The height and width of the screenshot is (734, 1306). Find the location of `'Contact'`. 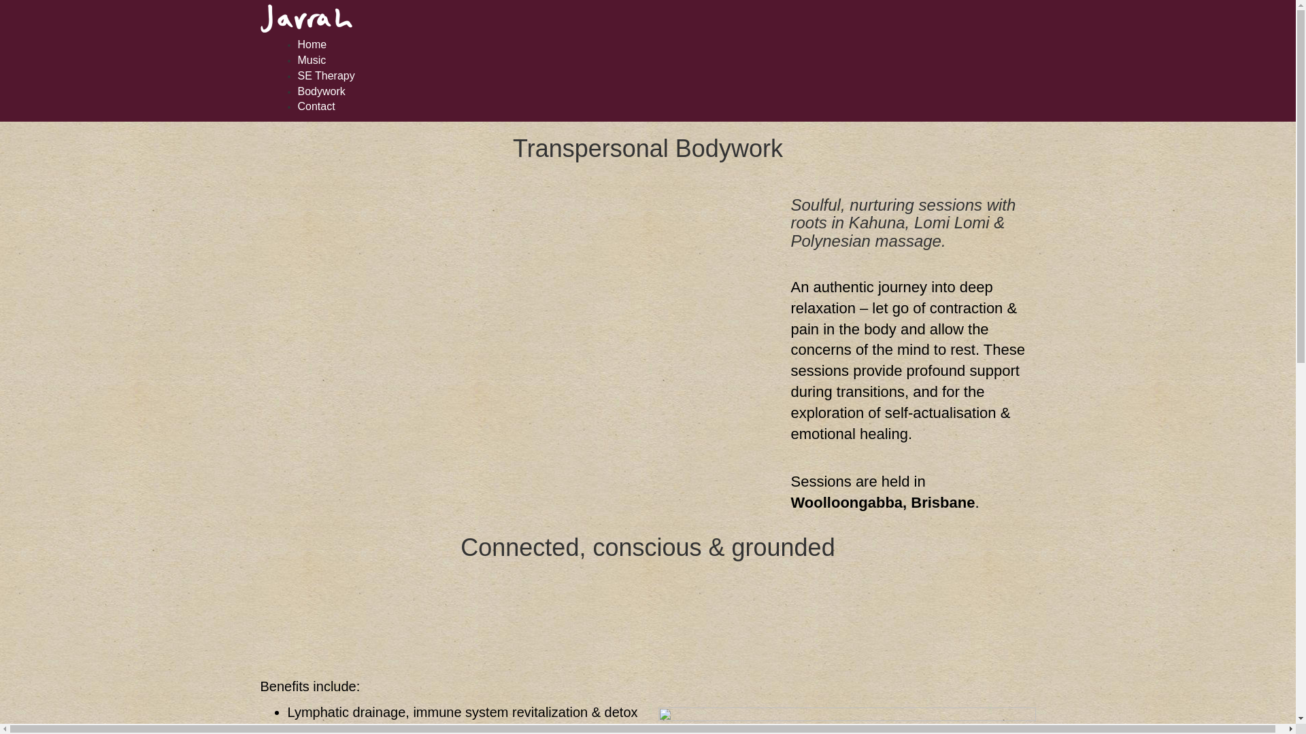

'Contact' is located at coordinates (316, 105).